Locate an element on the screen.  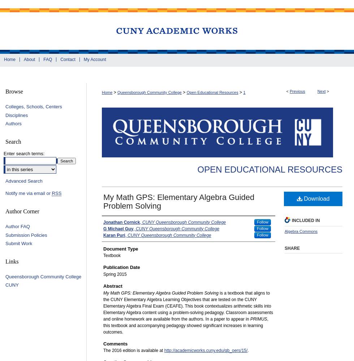
'Spring 2015' is located at coordinates (115, 274).